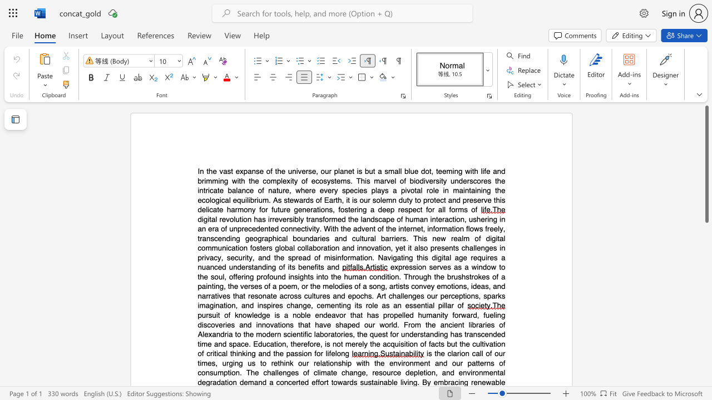 The height and width of the screenshot is (400, 712). I want to click on the scrollbar on the right to move the page downward, so click(706, 338).